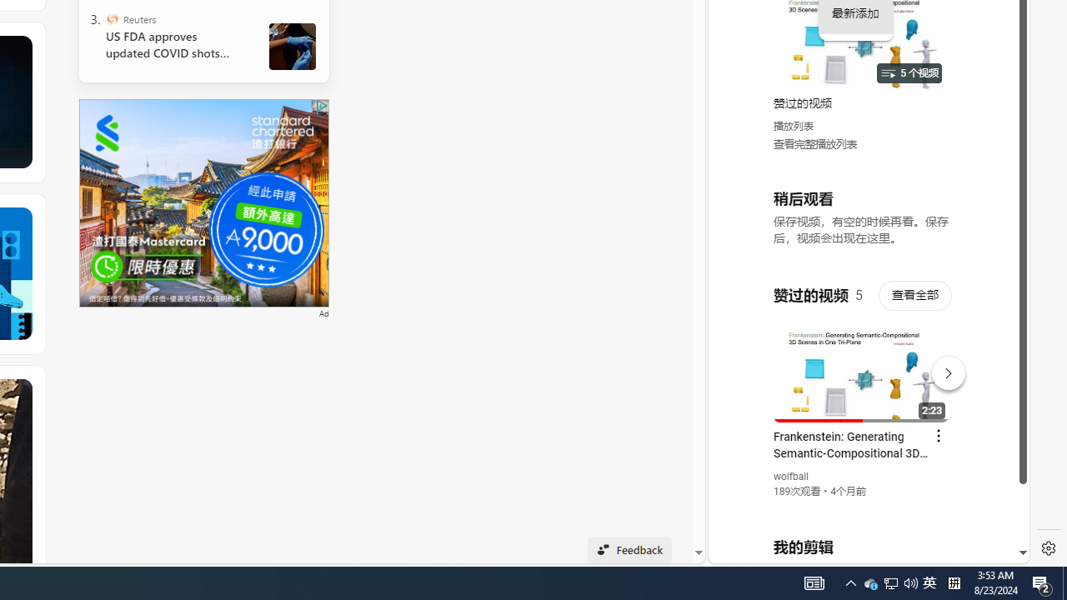 Image resolution: width=1067 pixels, height=600 pixels. What do you see at coordinates (862, 507) in the screenshot?
I see `'you'` at bounding box center [862, 507].